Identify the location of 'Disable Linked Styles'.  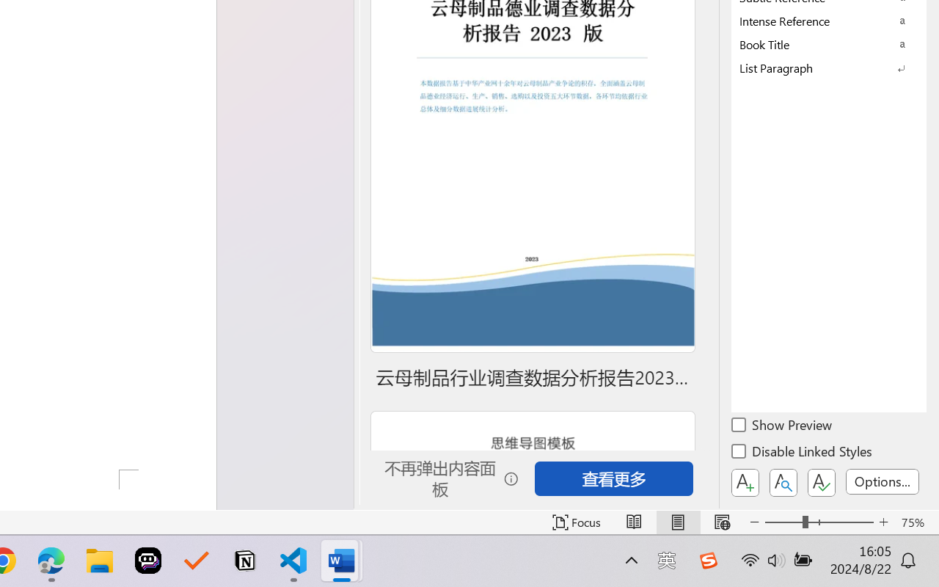
(803, 453).